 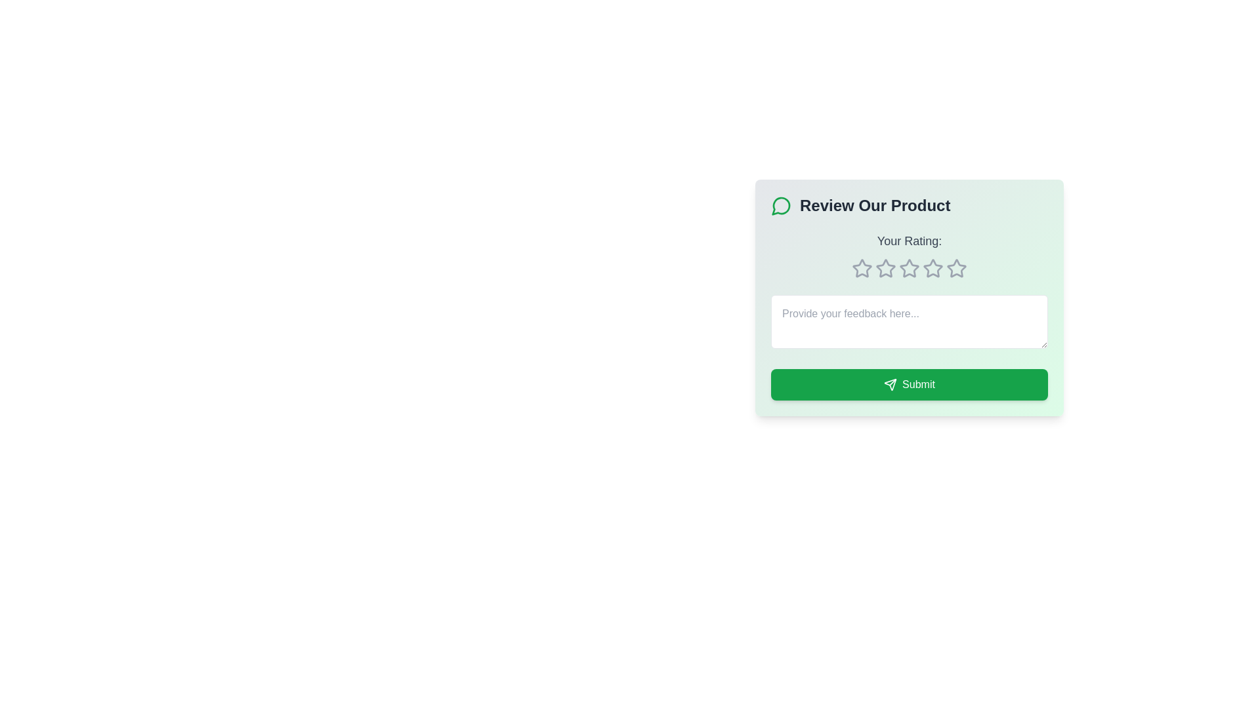 I want to click on the circular speech bubble icon outlined in green, which is positioned to the left of the text 'Review Our Product', so click(x=781, y=205).